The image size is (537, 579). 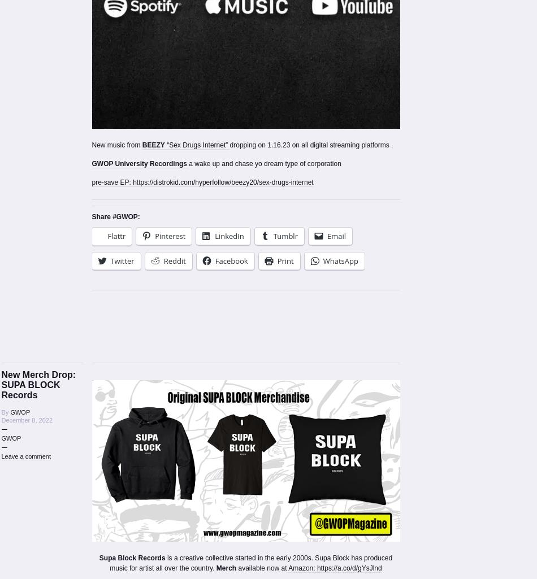 I want to click on 'pre-save EP: https://distrokid.com/hyperfollow/beezy20/sex-drugs-internet', so click(x=91, y=181).